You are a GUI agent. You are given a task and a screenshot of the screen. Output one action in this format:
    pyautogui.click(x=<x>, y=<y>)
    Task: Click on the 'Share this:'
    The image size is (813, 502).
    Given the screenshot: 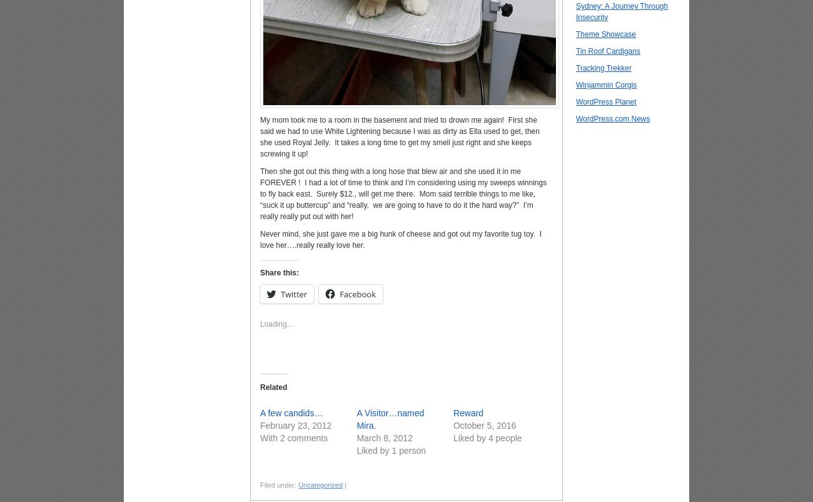 What is the action you would take?
    pyautogui.click(x=278, y=272)
    